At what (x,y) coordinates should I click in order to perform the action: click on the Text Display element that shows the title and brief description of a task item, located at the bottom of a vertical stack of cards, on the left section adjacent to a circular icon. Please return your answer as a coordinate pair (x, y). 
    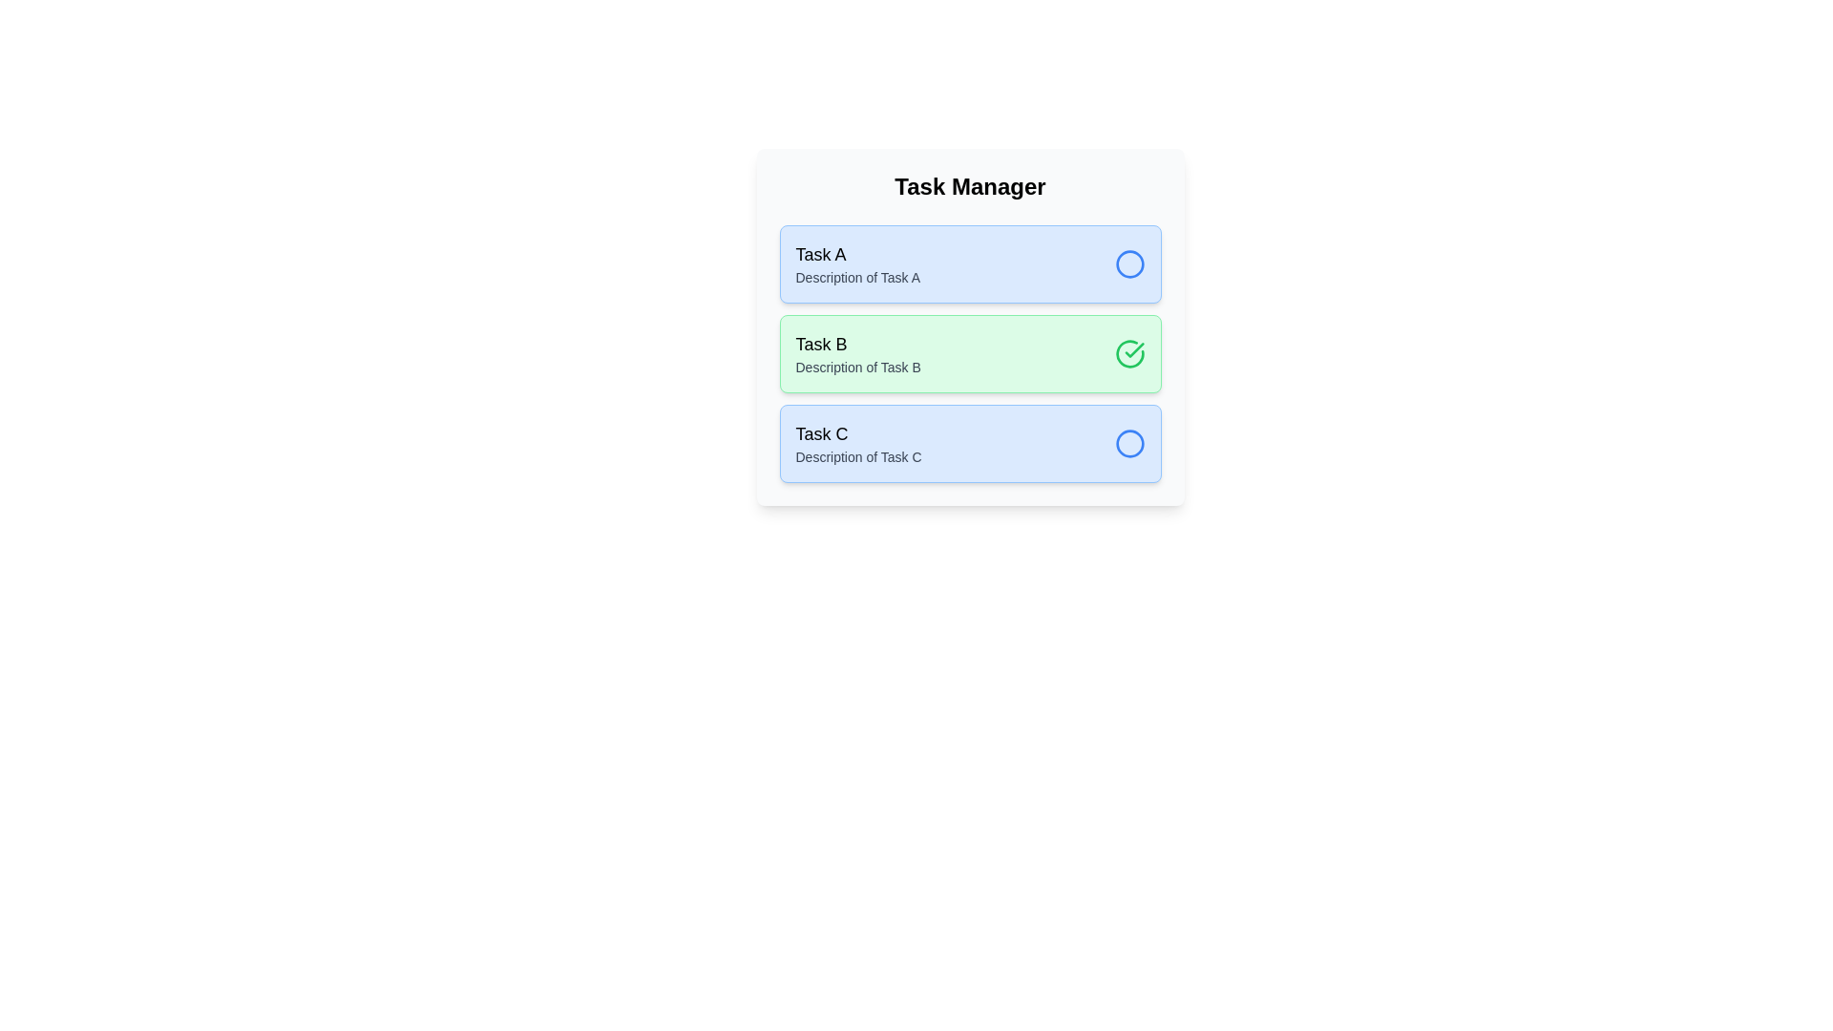
    Looking at the image, I should click on (857, 444).